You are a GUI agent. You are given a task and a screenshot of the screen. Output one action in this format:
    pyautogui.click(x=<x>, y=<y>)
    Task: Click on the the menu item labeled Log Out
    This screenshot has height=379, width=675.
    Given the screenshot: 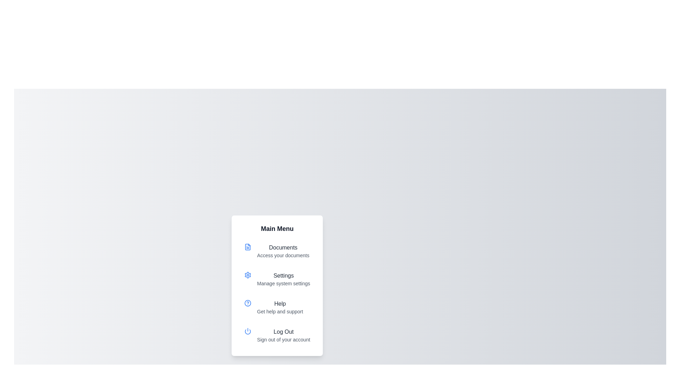 What is the action you would take?
    pyautogui.click(x=277, y=335)
    